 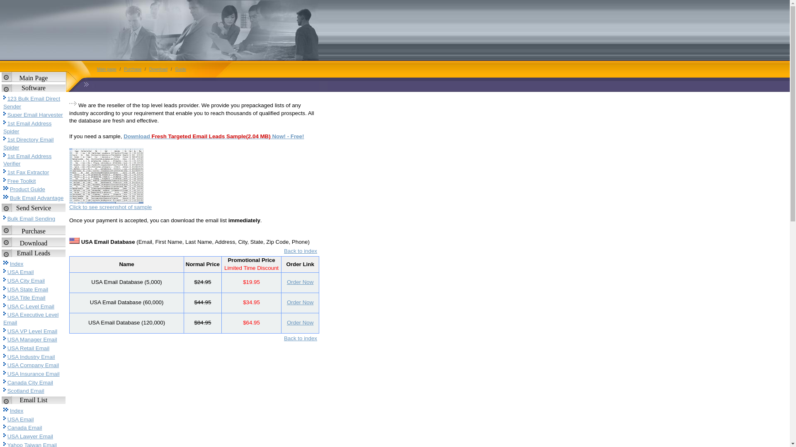 I want to click on 'Order Now', so click(x=300, y=281).